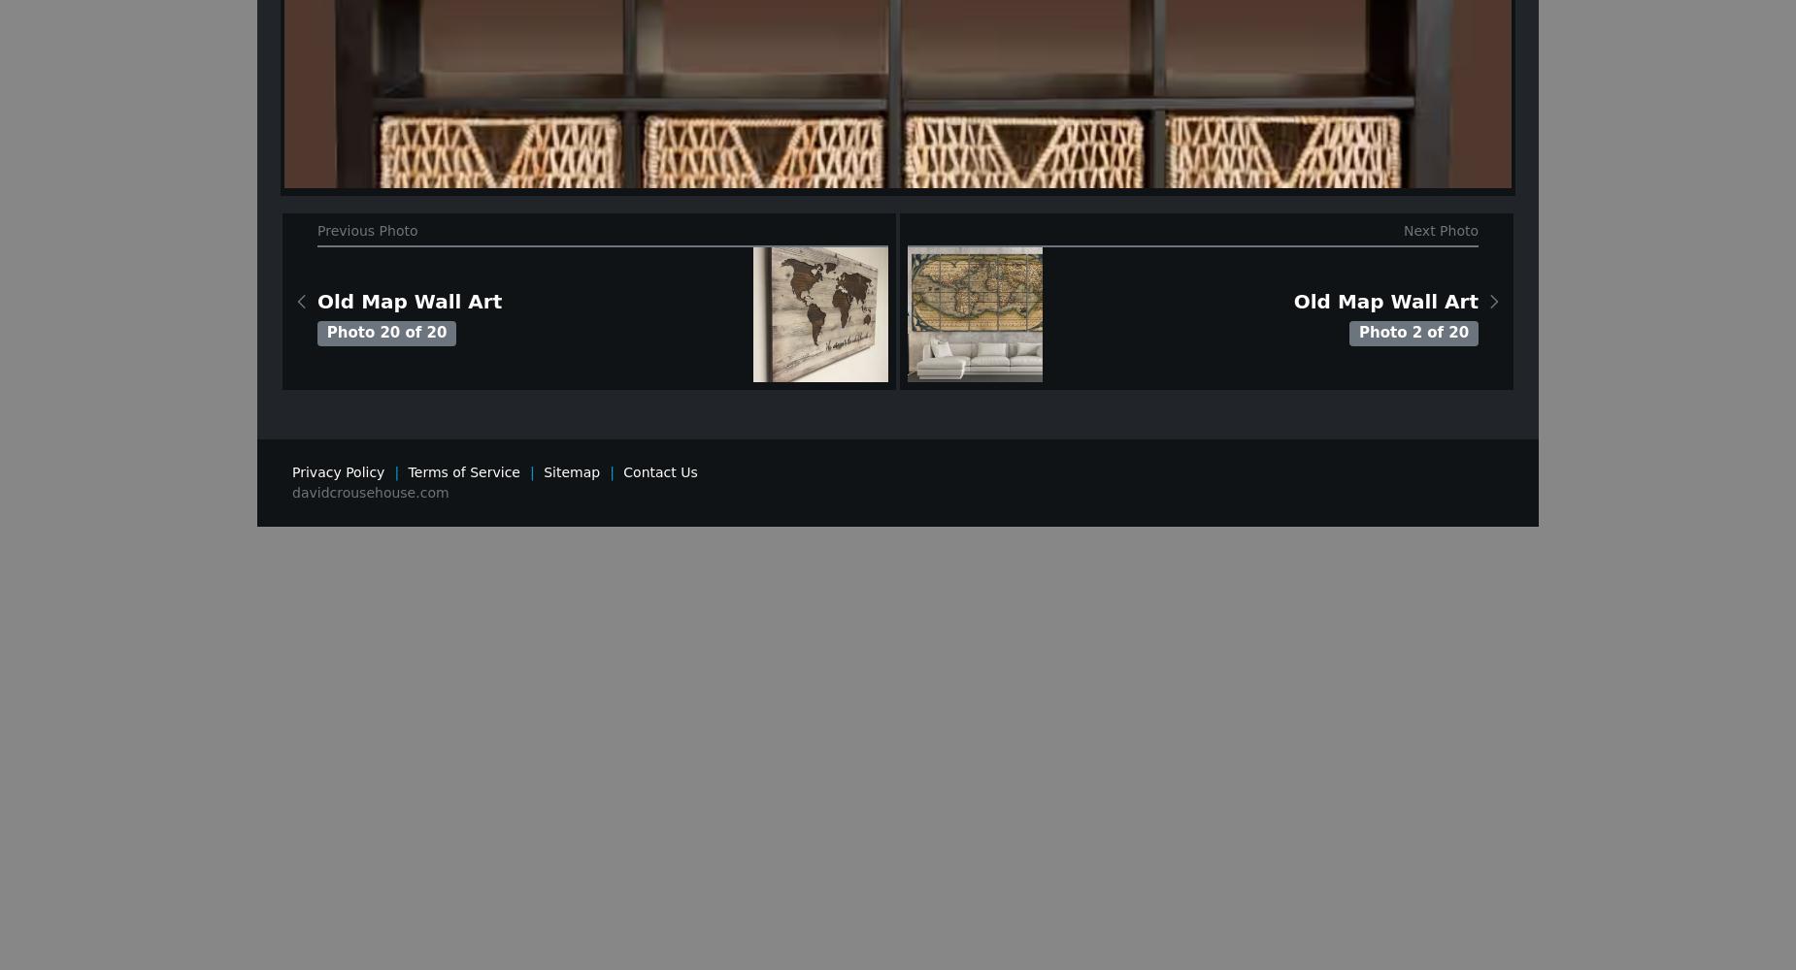 The width and height of the screenshot is (1796, 970). Describe the element at coordinates (572, 470) in the screenshot. I see `'Sitemap'` at that location.